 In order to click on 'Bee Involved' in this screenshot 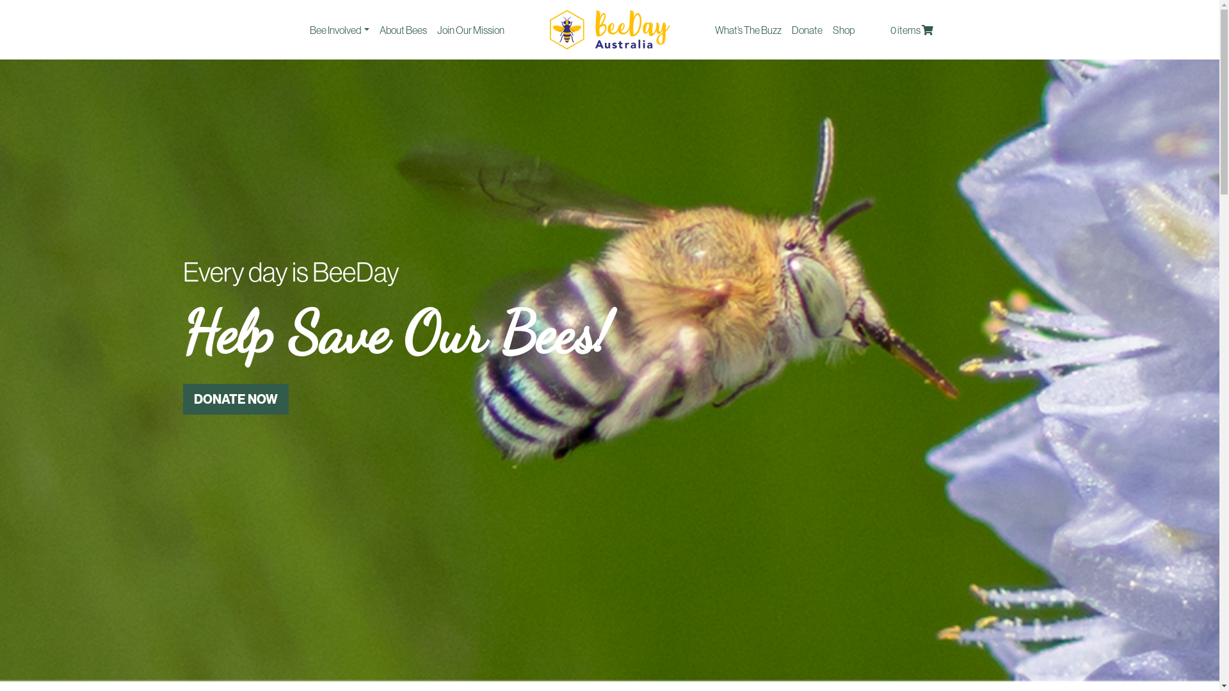, I will do `click(339, 29)`.